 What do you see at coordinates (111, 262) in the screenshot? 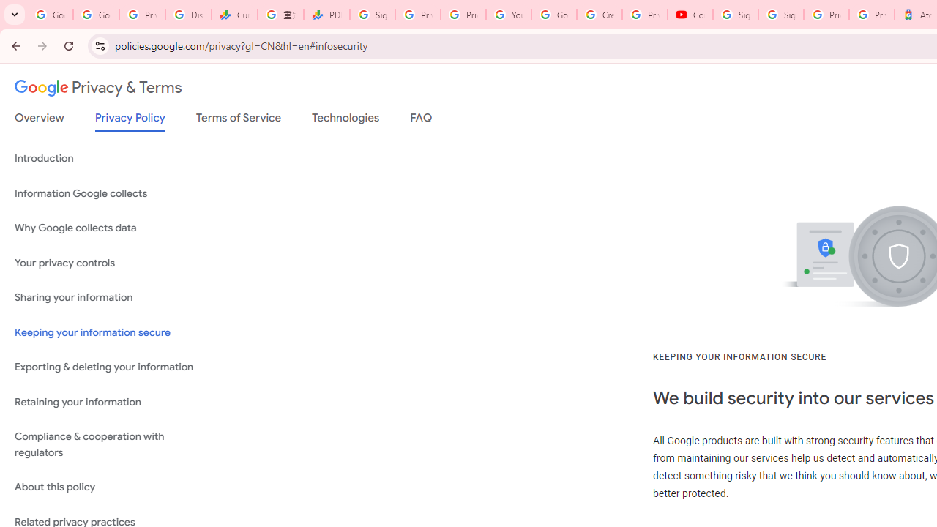
I see `'Your privacy controls'` at bounding box center [111, 262].